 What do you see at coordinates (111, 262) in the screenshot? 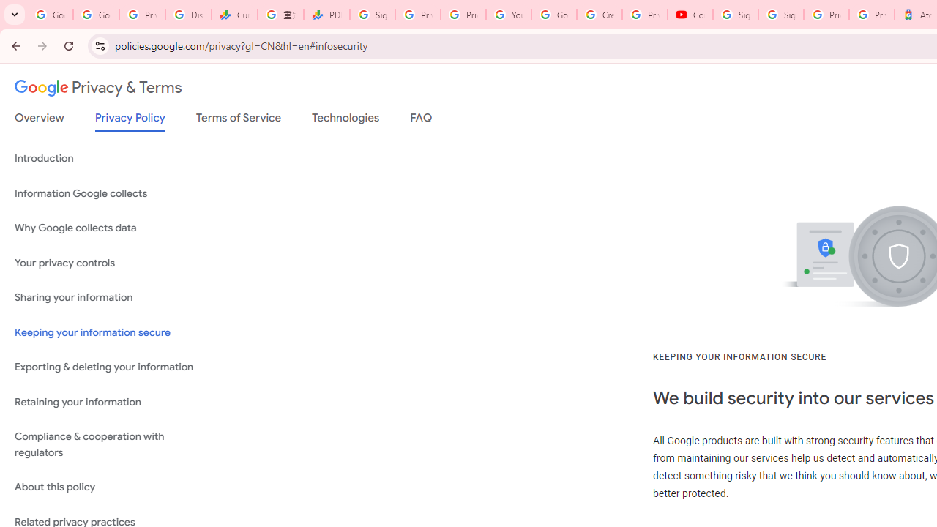
I see `'Your privacy controls'` at bounding box center [111, 262].